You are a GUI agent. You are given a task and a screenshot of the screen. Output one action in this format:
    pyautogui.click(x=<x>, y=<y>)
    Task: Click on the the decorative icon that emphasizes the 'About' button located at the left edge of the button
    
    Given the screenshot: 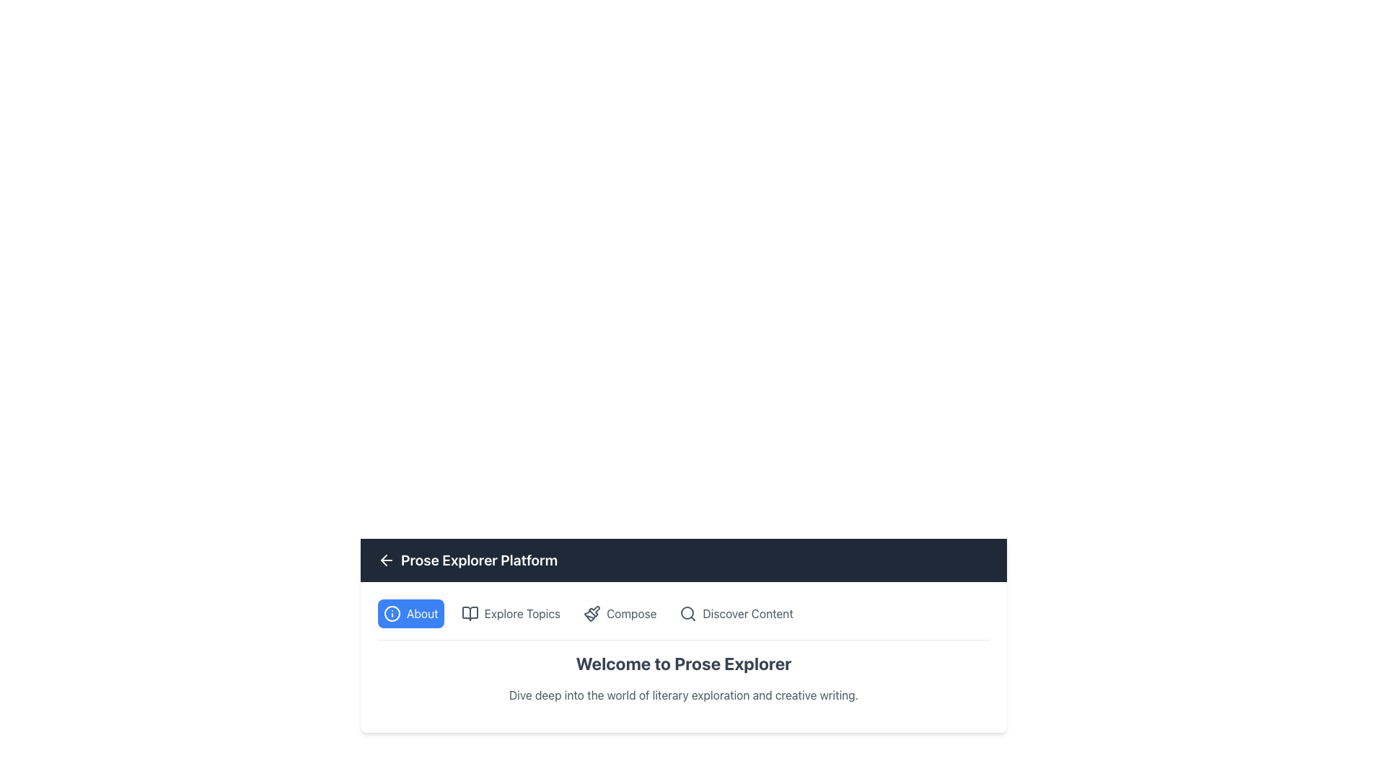 What is the action you would take?
    pyautogui.click(x=392, y=614)
    